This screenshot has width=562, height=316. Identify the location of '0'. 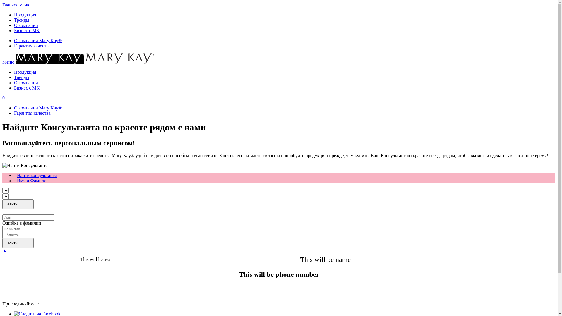
(4, 97).